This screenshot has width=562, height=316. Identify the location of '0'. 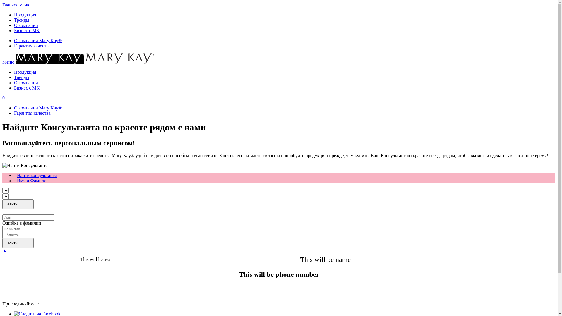
(4, 97).